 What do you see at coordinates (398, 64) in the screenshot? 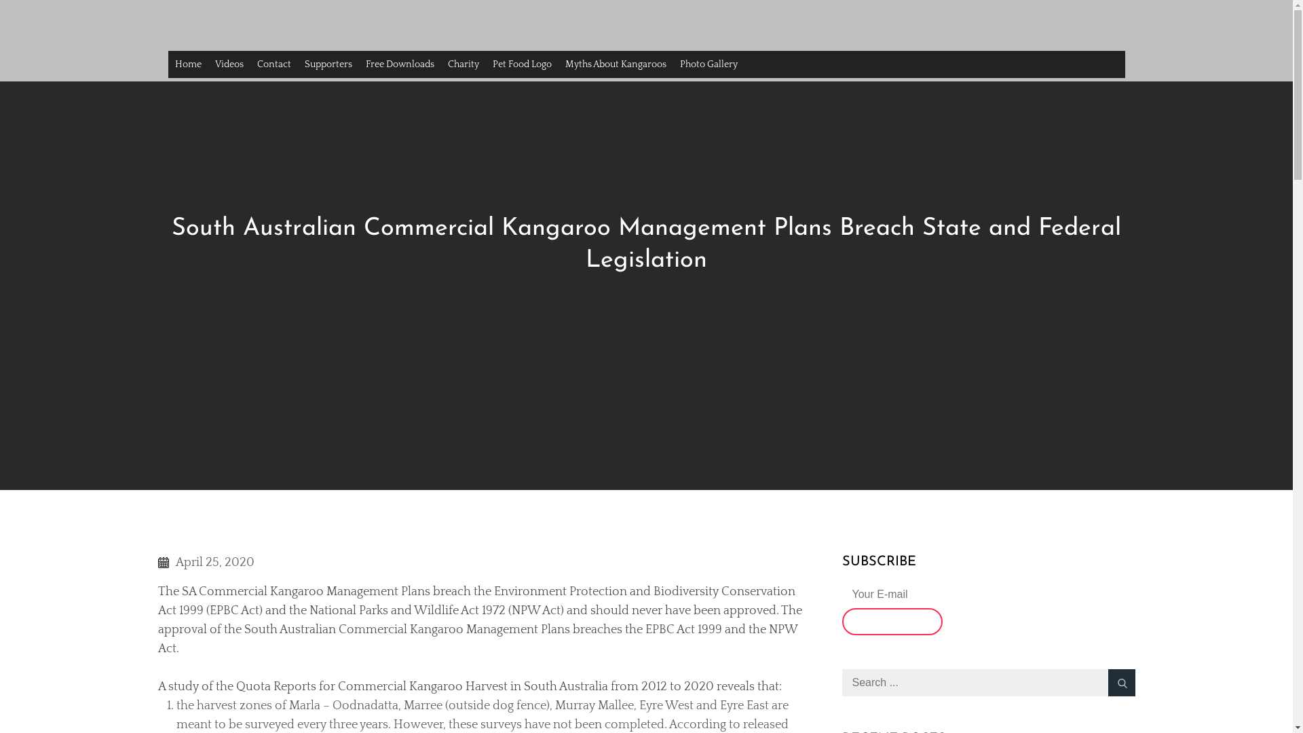
I see `'Free Downloads'` at bounding box center [398, 64].